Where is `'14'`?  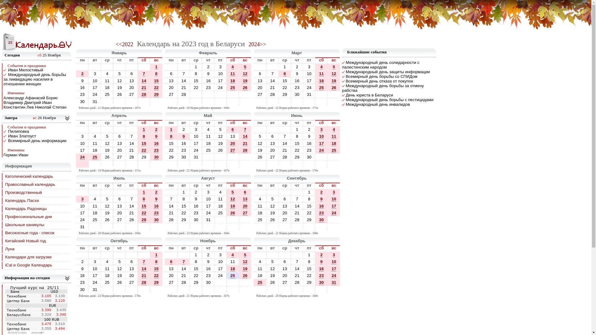
'14' is located at coordinates (143, 81).